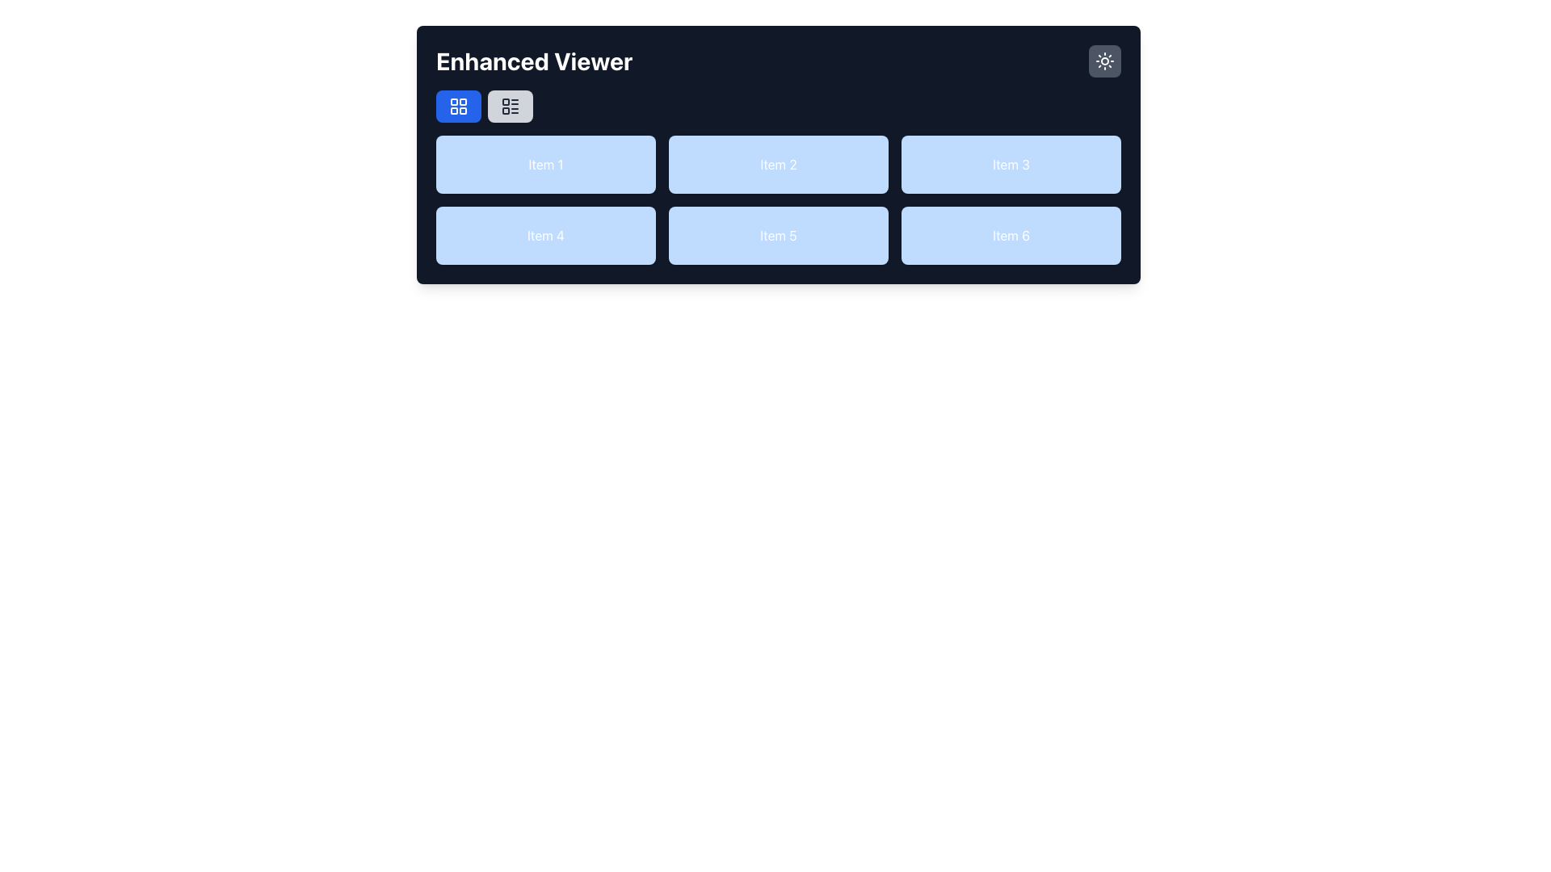 The height and width of the screenshot is (872, 1551). Describe the element at coordinates (779, 165) in the screenshot. I see `the Static Label located in the middle box of the first row in a grid layout, positioned between 'Item 1' and 'Item 3'` at that location.